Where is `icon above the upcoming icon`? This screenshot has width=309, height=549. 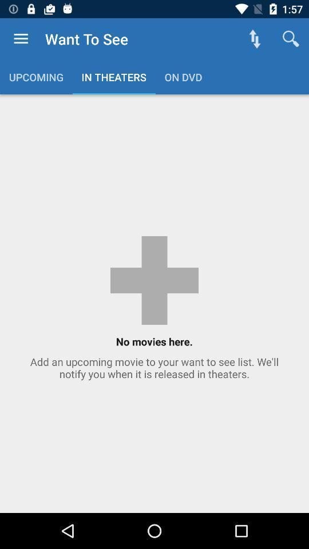
icon above the upcoming icon is located at coordinates (21, 39).